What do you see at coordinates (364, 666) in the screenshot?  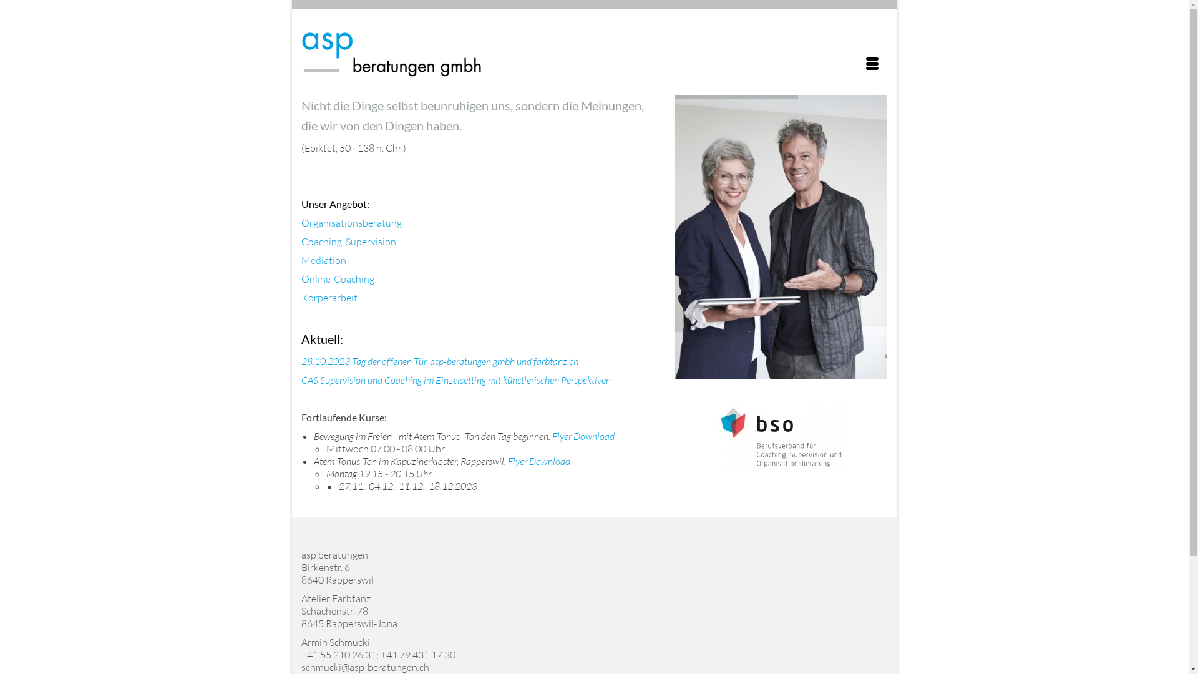 I see `'schmucki@asp-beratungen.ch'` at bounding box center [364, 666].